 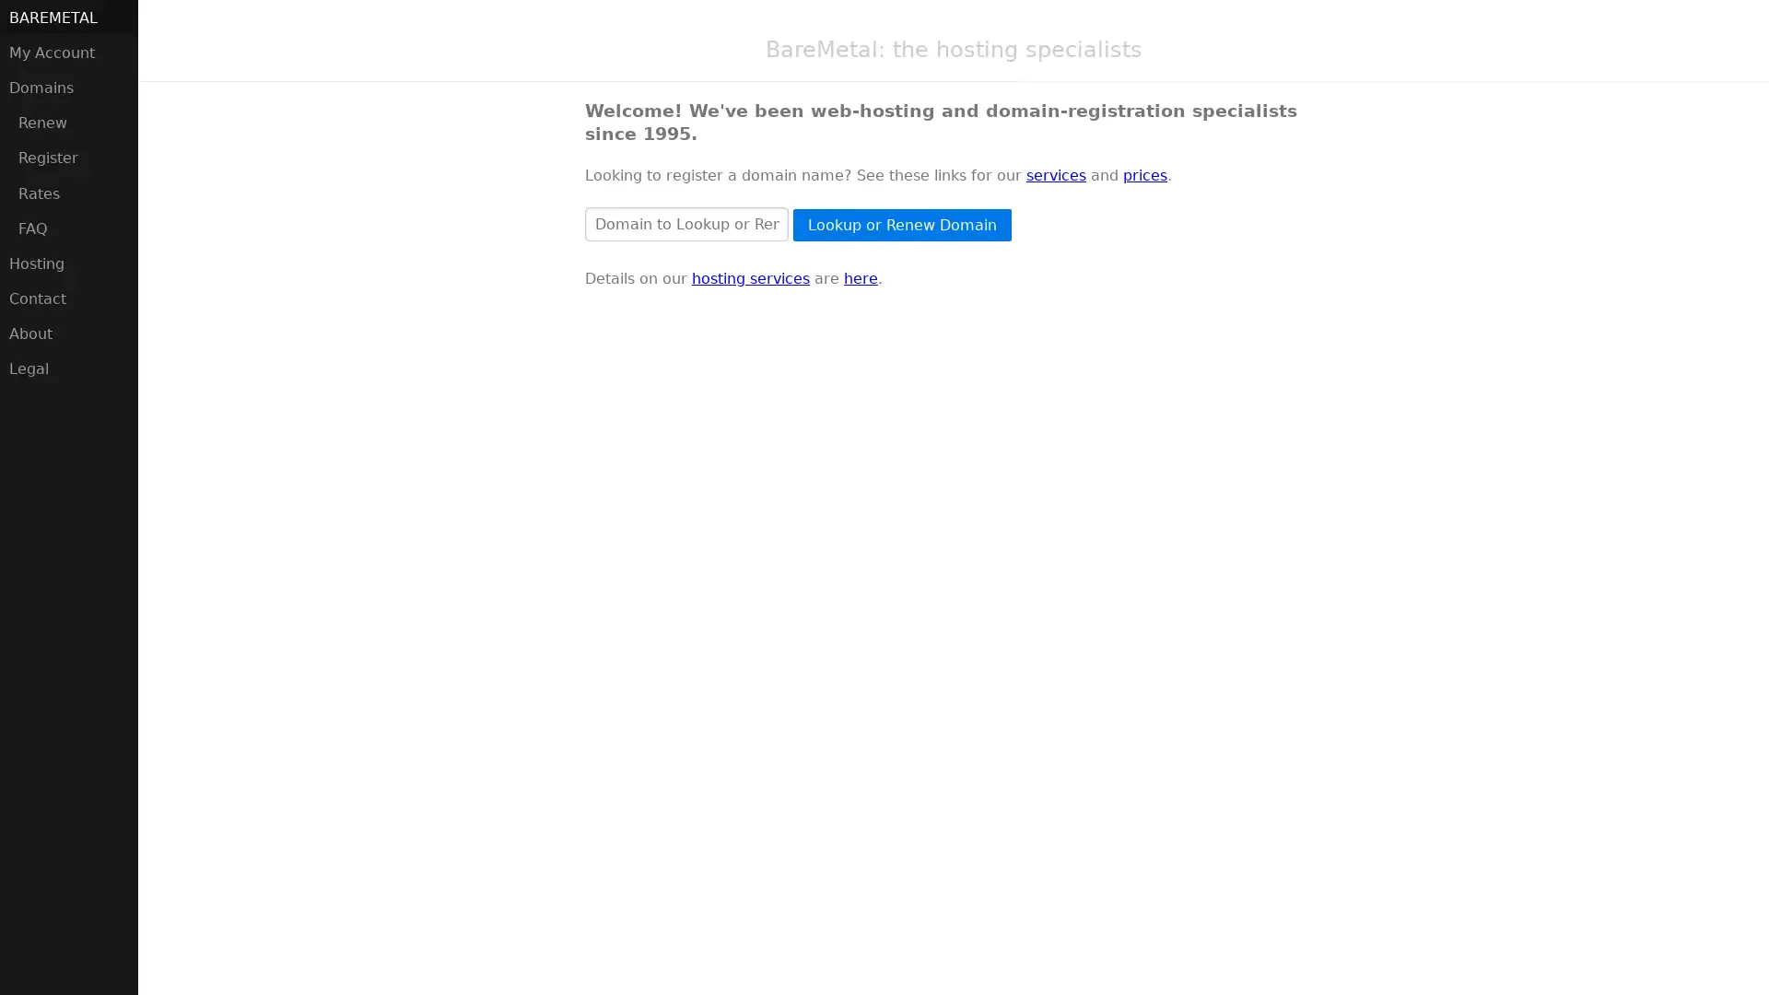 What do you see at coordinates (902, 223) in the screenshot?
I see `Lookup or Renew Domain` at bounding box center [902, 223].